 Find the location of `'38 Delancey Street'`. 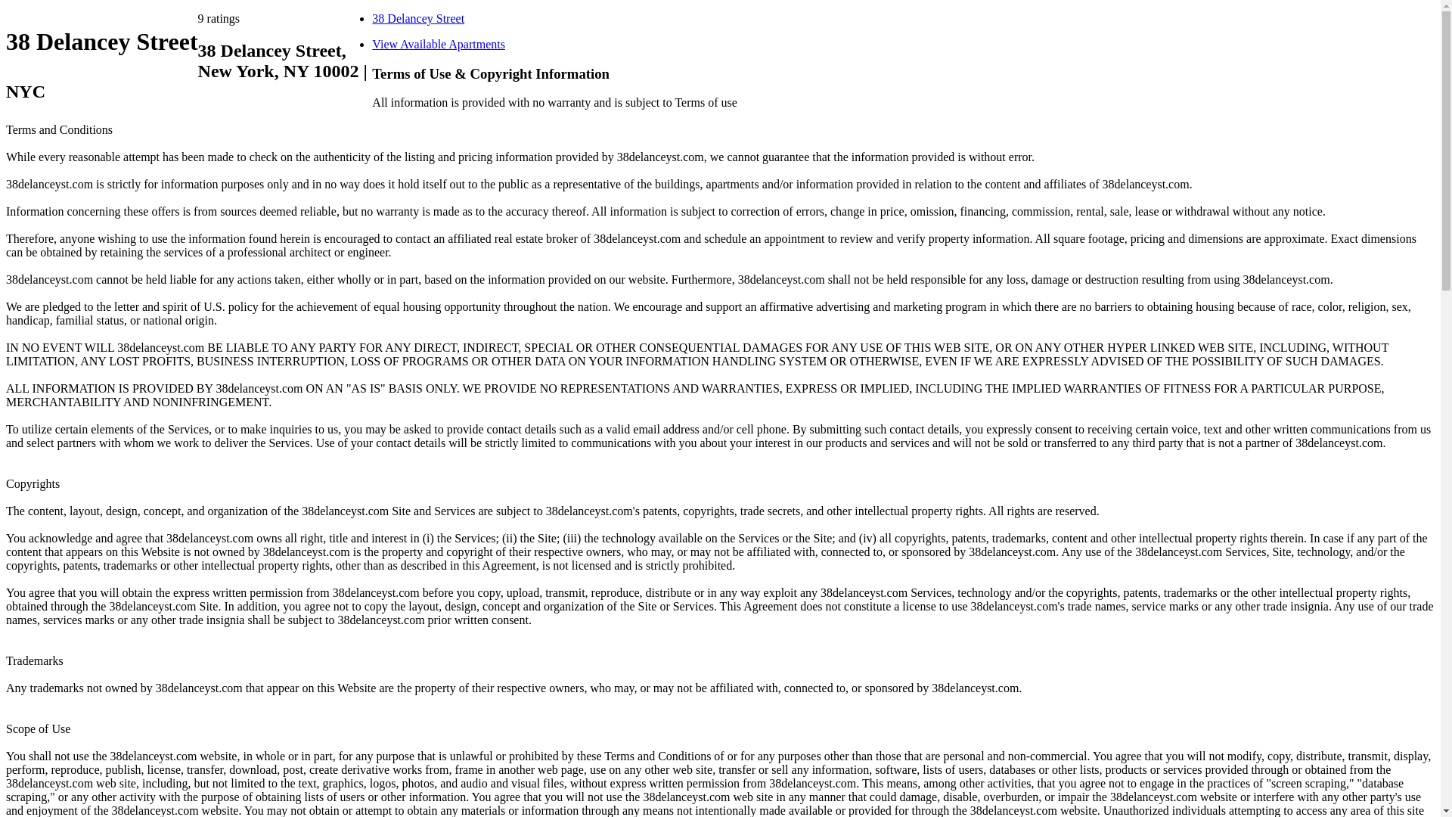

'38 Delancey Street' is located at coordinates (417, 18).